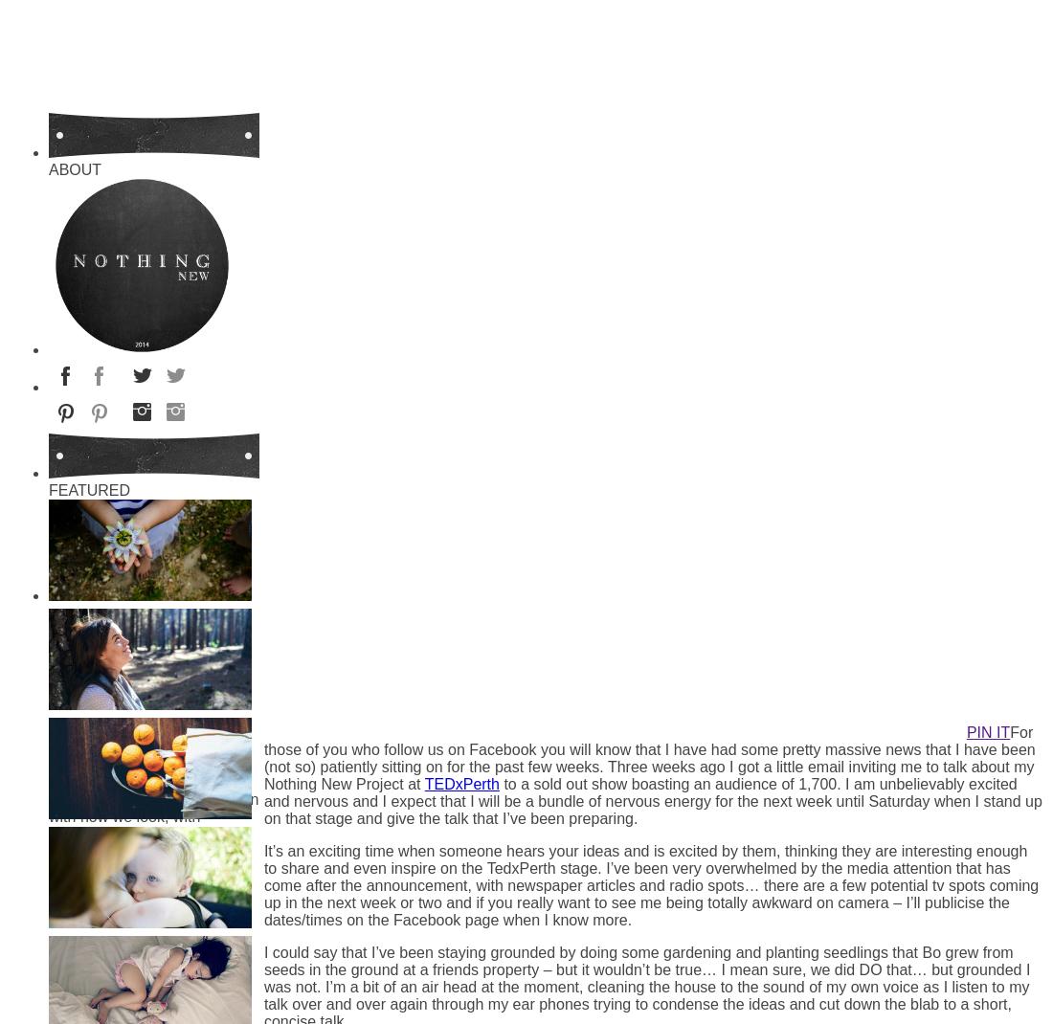 This screenshot has height=1024, width=1053. I want to click on 'There has been a lot of noise lately. A lot of it', so click(48, 678).